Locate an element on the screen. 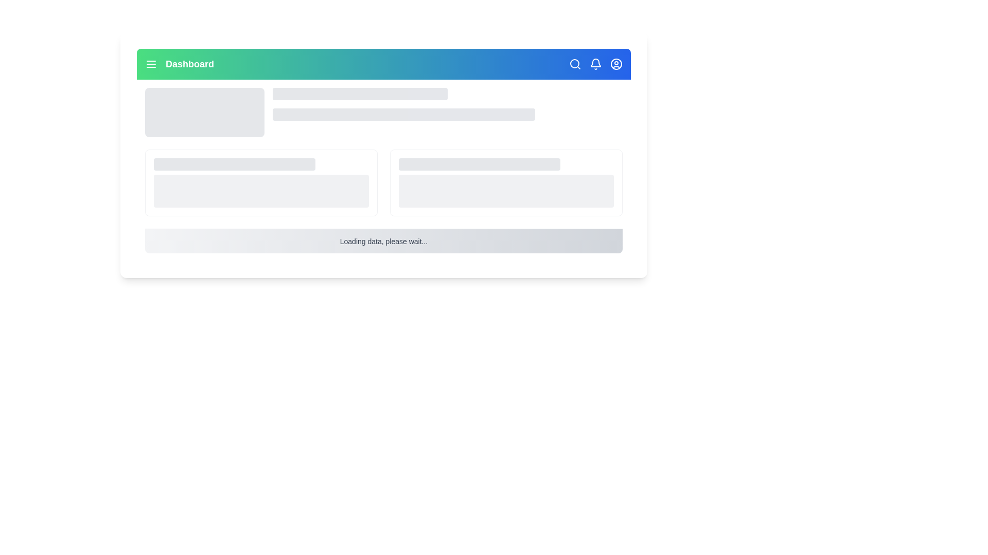 The image size is (988, 555). the bell icon in the top navigation bar is located at coordinates (595, 63).